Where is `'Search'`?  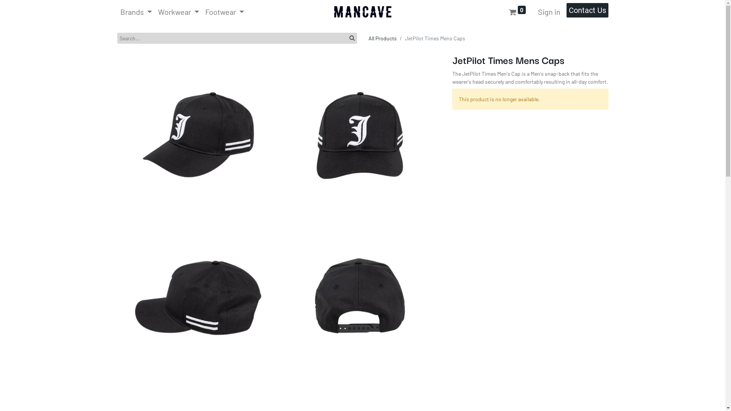 'Search' is located at coordinates (352, 38).